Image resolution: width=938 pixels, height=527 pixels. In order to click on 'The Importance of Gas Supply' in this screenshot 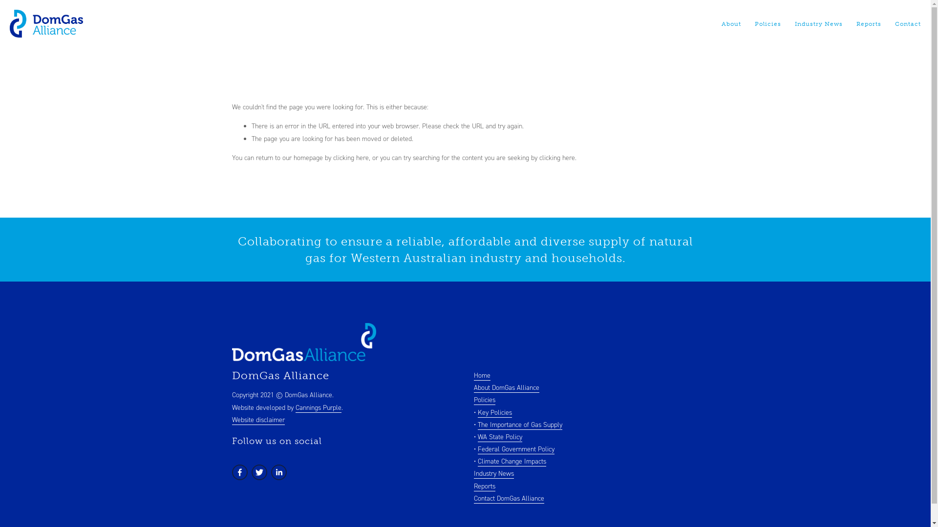, I will do `click(519, 425)`.